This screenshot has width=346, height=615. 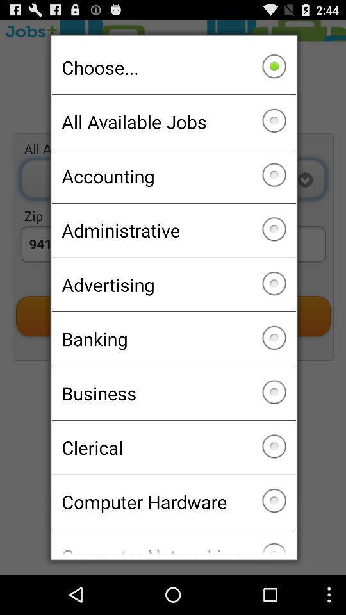 What do you see at coordinates (173, 392) in the screenshot?
I see `business` at bounding box center [173, 392].